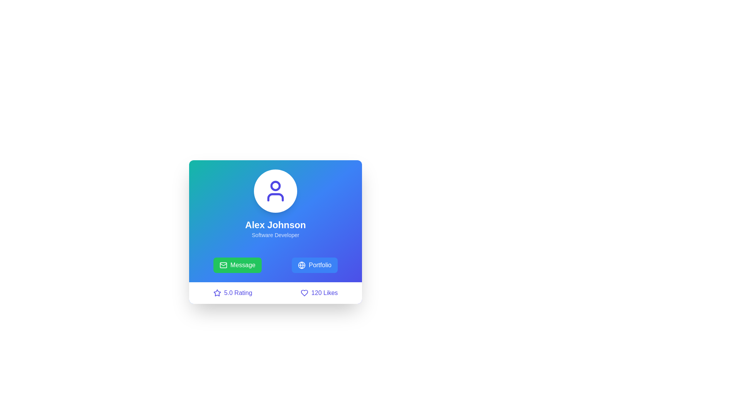 This screenshot has height=417, width=741. I want to click on the user profile icon, which is centrally positioned within a circular white background at the top-center of the rectangular card component, so click(276, 191).